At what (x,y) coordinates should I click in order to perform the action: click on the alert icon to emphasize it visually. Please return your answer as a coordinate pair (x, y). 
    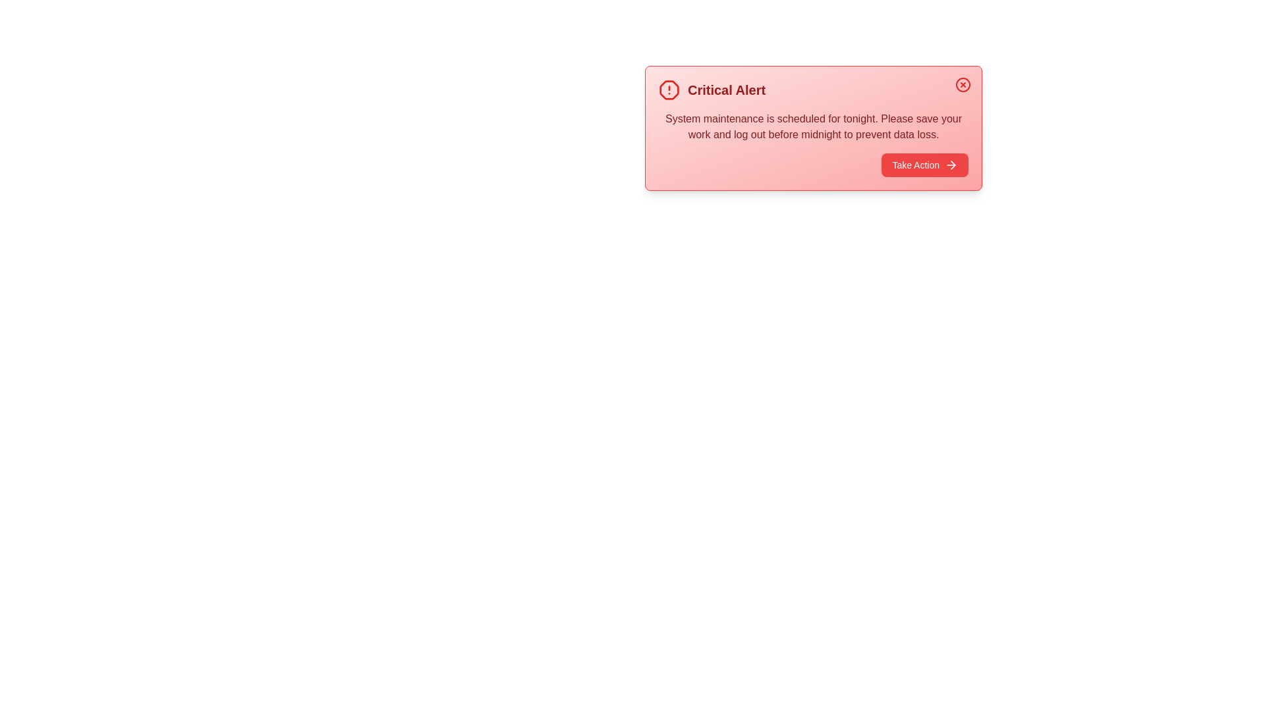
    Looking at the image, I should click on (669, 90).